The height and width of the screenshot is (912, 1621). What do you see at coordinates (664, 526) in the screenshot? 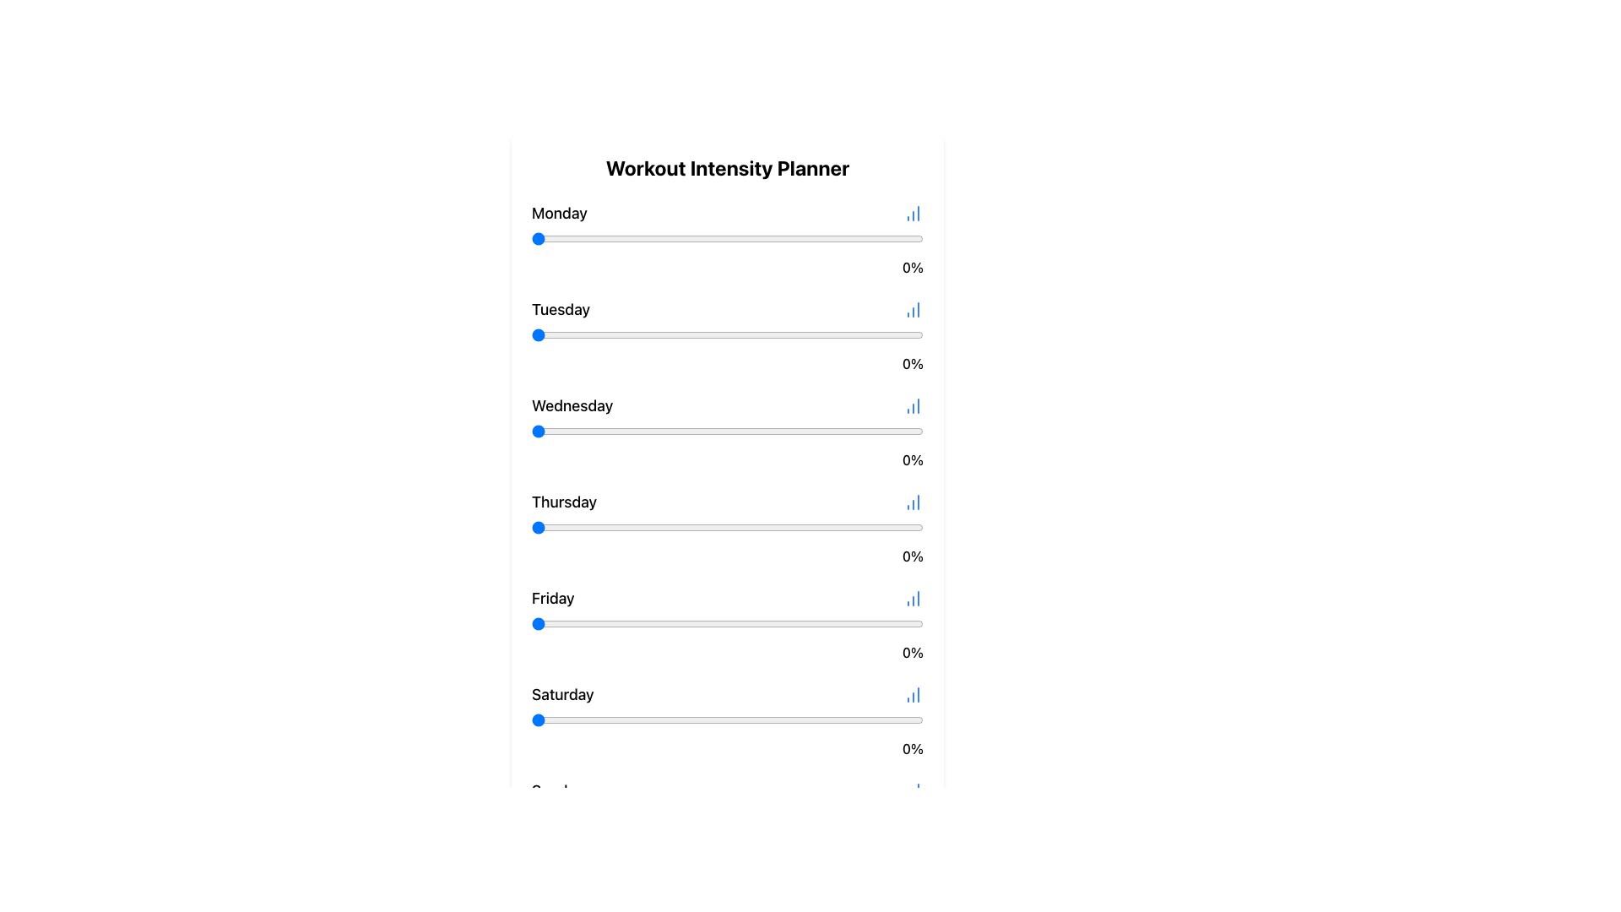
I see `the 'Thursday' slider` at bounding box center [664, 526].